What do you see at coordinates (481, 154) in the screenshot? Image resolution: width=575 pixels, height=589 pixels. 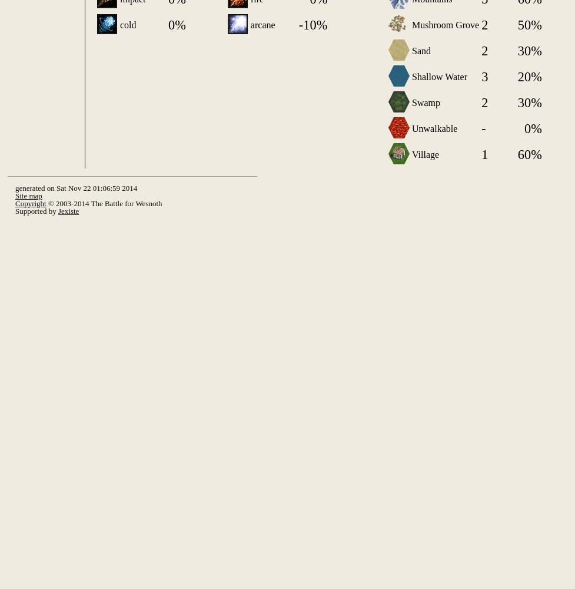 I see `'1'` at bounding box center [481, 154].